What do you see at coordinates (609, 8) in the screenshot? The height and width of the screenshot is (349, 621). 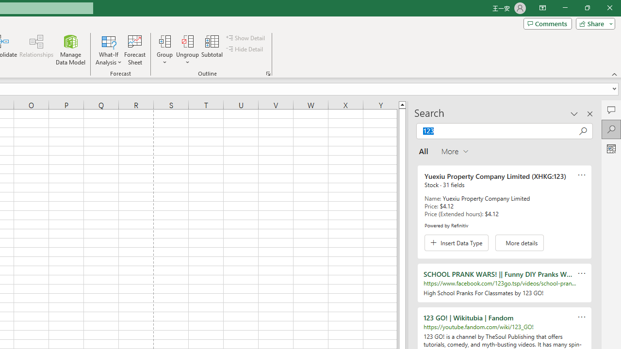 I see `'Close'` at bounding box center [609, 8].